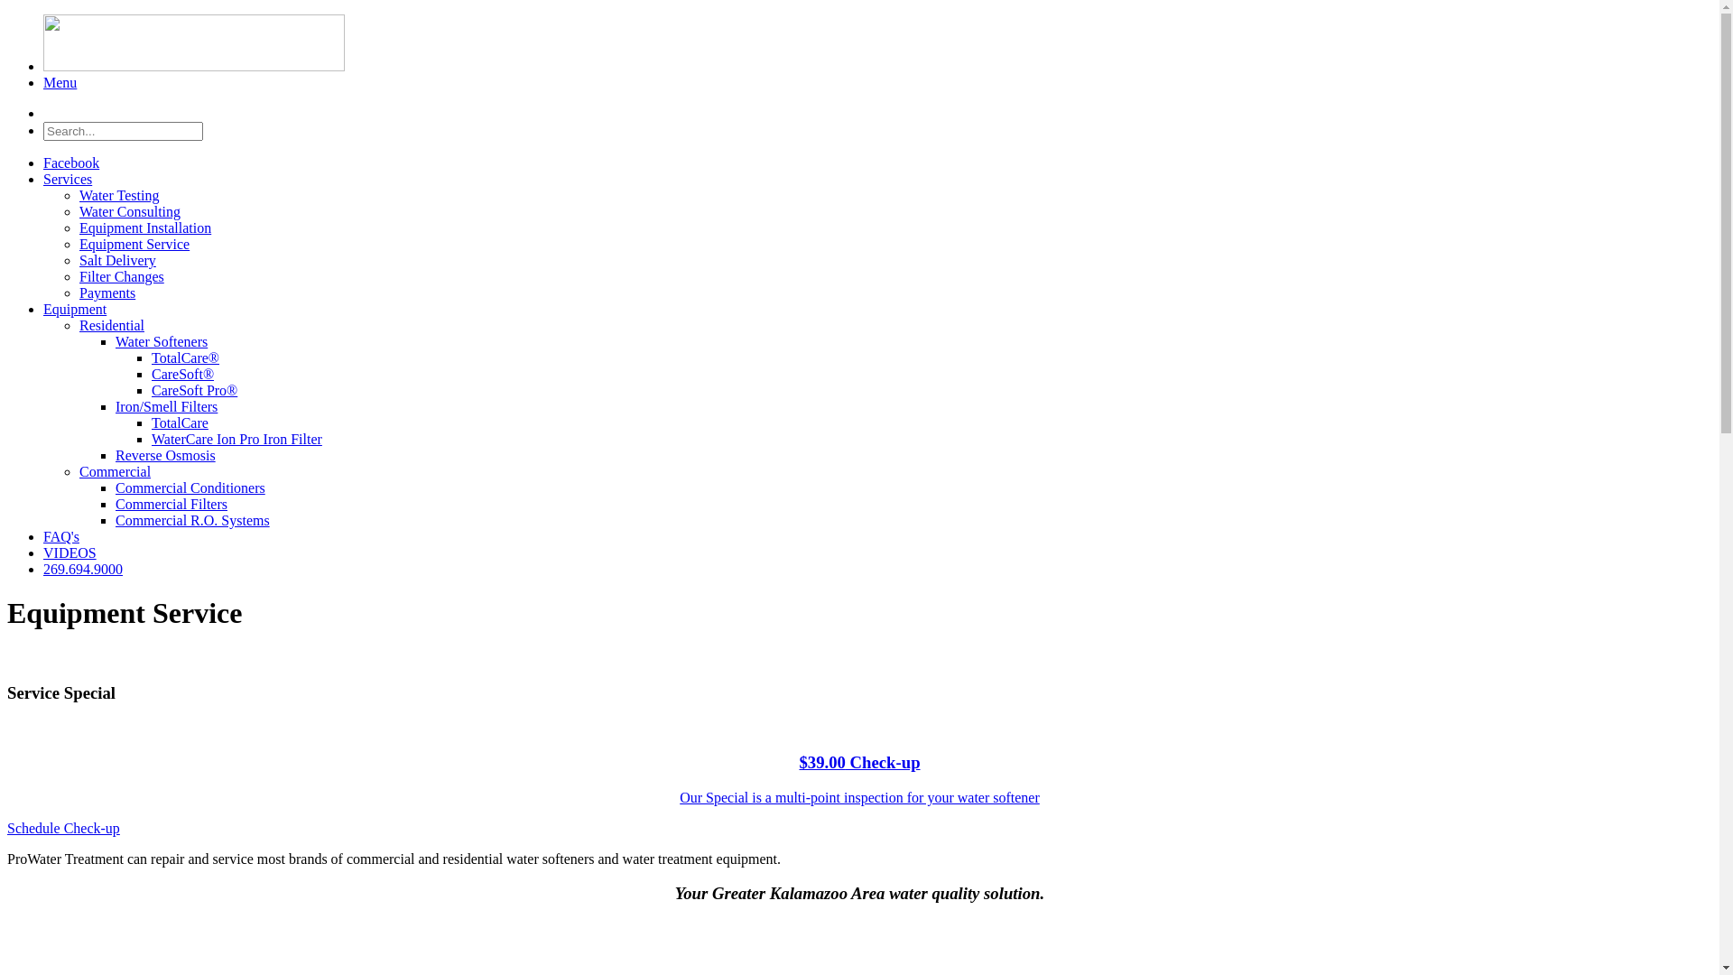 The width and height of the screenshot is (1733, 975). Describe the element at coordinates (60, 82) in the screenshot. I see `'Menu'` at that location.